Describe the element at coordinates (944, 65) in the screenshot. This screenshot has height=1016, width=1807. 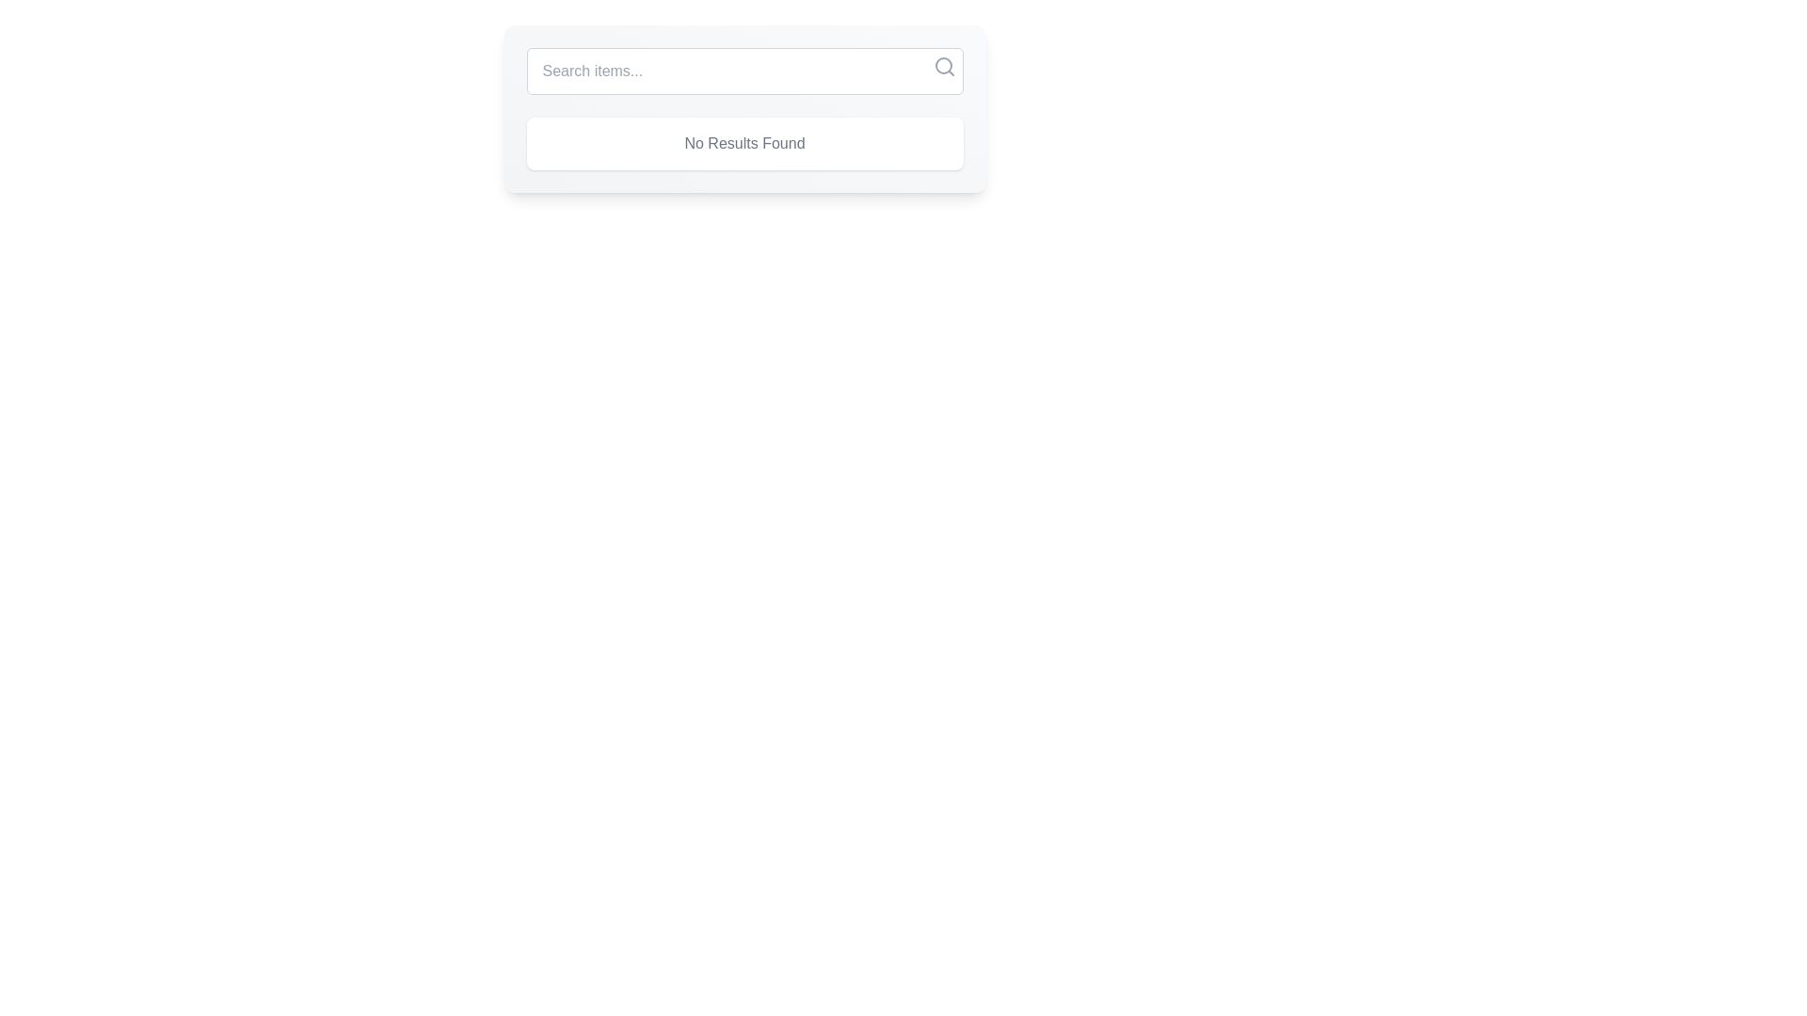
I see `the magnifying glass icon located at the right end of the search bar` at that location.